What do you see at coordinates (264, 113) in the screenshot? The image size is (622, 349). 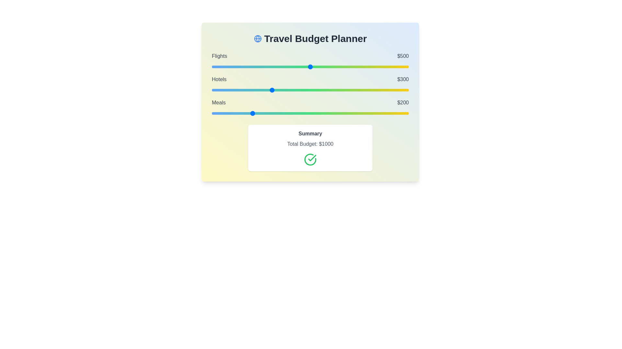 I see `the 'Meals' slider to 267 within the range 0 to 1000` at bounding box center [264, 113].